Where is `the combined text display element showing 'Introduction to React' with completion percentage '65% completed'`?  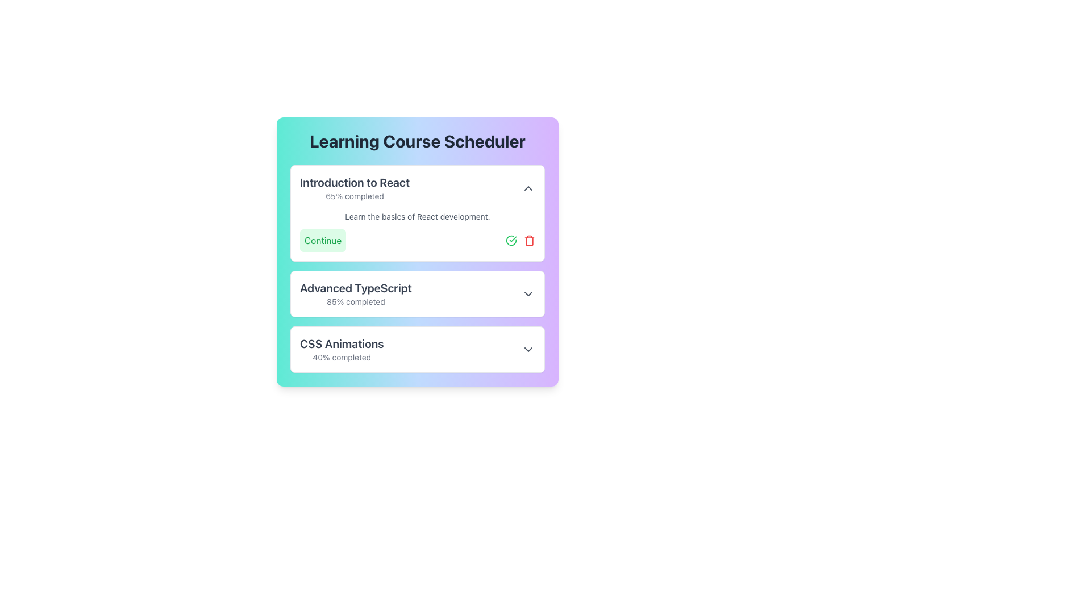
the combined text display element showing 'Introduction to React' with completion percentage '65% completed' is located at coordinates (354, 187).